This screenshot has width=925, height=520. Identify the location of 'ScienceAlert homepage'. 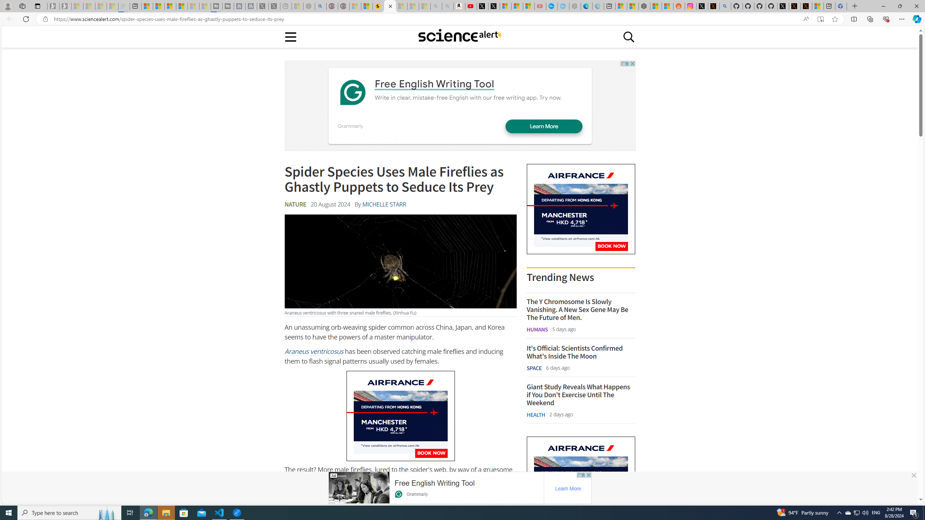
(459, 36).